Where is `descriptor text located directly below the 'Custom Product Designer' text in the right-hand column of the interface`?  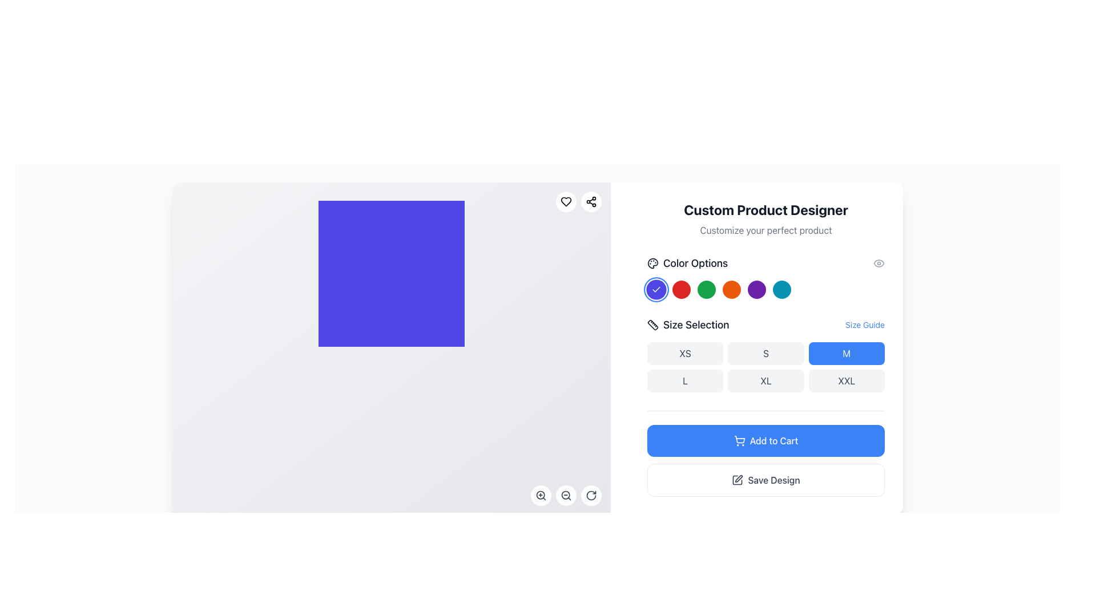 descriptor text located directly below the 'Custom Product Designer' text in the right-hand column of the interface is located at coordinates (766, 230).